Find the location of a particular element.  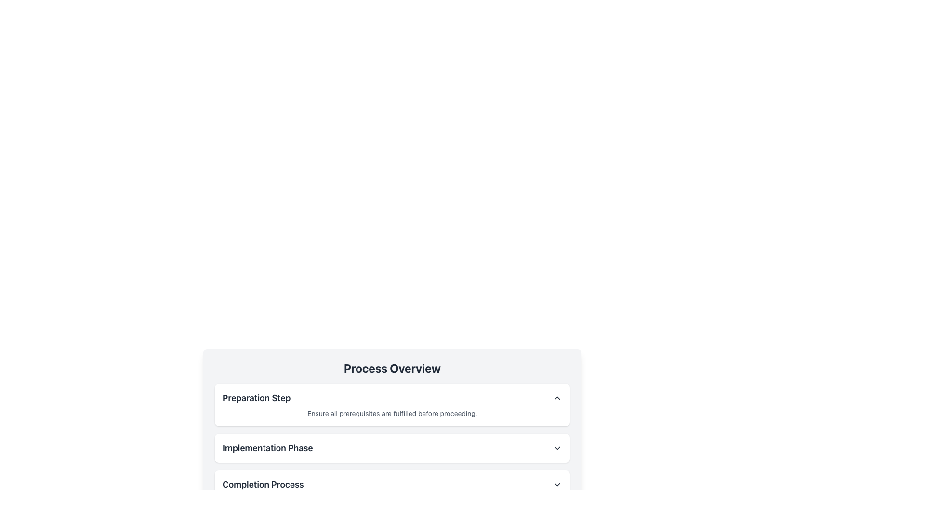

the downward-pointing chevron icon, which is styled as an SVG graphic with a stroke width of 2, located to the right of the text label 'Completion Process' is located at coordinates (557, 484).